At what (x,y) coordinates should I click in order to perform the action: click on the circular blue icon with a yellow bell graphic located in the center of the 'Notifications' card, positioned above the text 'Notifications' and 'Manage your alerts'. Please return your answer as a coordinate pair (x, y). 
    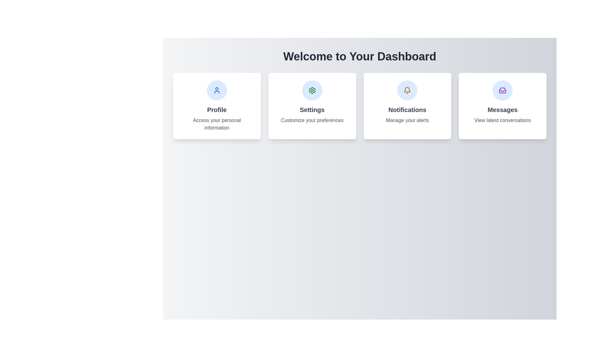
    Looking at the image, I should click on (407, 90).